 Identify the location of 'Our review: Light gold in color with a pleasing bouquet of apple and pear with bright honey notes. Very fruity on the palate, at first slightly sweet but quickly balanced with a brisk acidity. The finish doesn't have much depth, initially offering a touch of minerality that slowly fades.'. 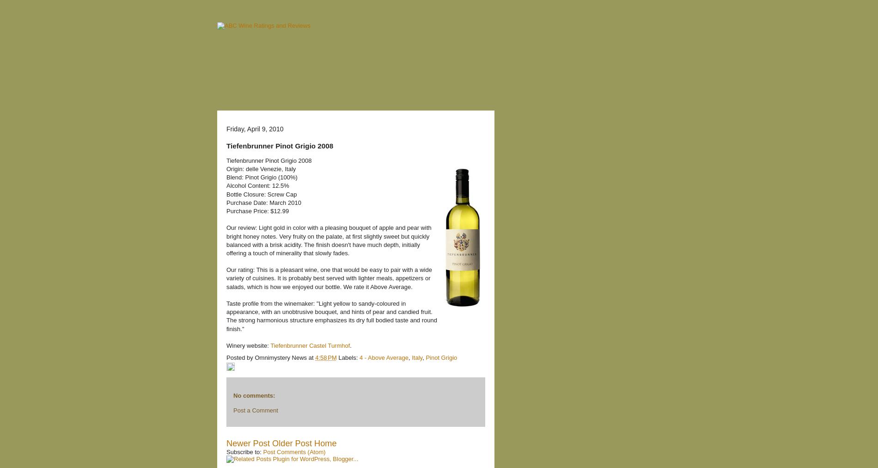
(329, 240).